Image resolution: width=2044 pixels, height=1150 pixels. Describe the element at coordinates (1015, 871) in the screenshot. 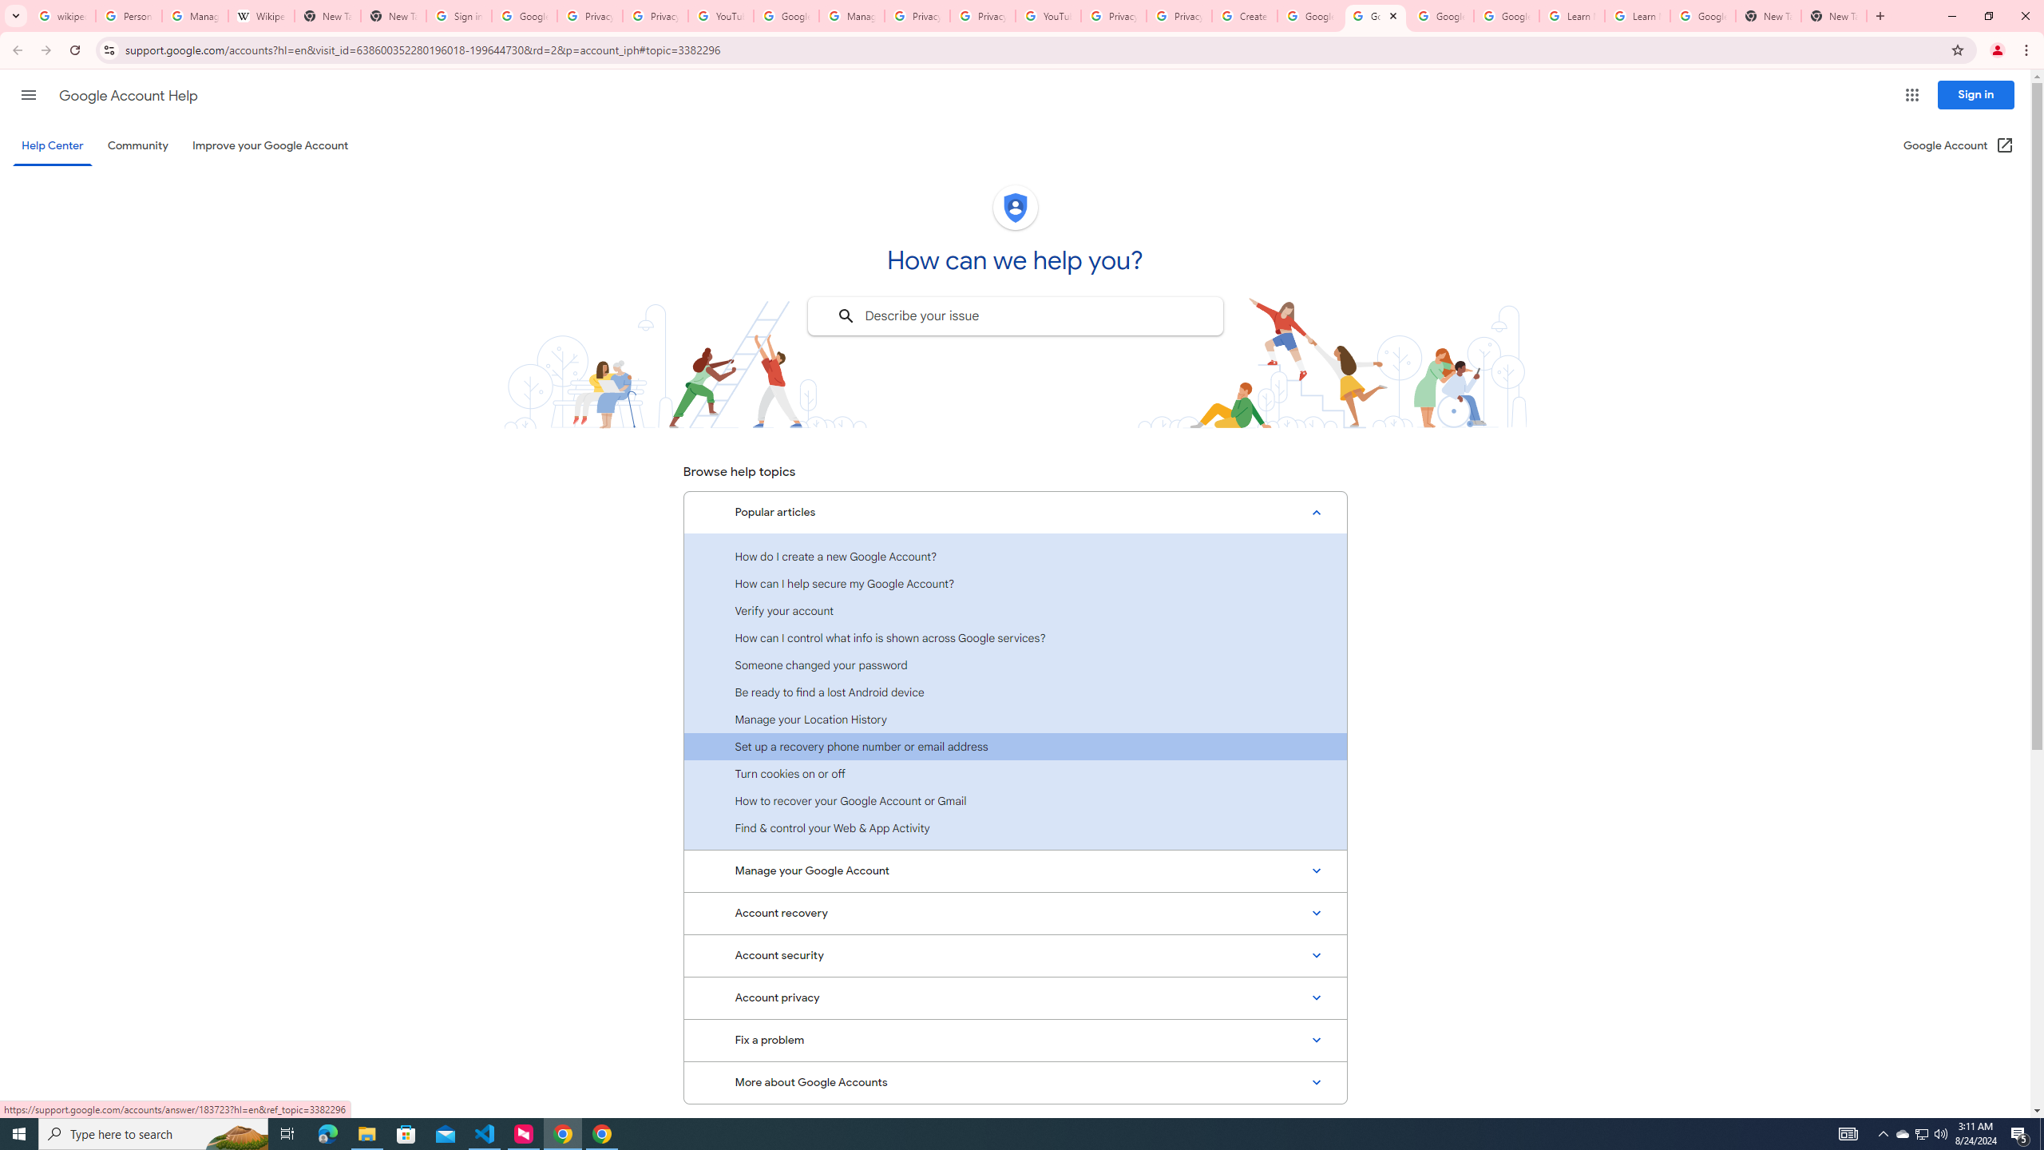

I see `'Manage your Google Account'` at that location.